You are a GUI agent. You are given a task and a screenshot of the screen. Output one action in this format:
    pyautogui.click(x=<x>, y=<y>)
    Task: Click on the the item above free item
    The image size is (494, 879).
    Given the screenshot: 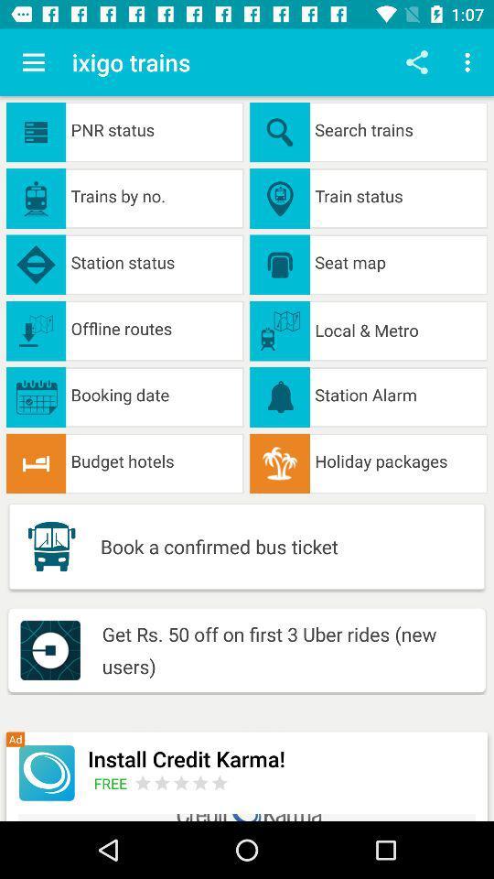 What is the action you would take?
    pyautogui.click(x=282, y=758)
    